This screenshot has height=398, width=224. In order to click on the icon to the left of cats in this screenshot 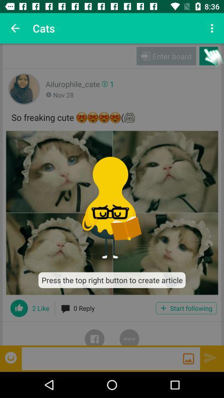, I will do `click(15, 28)`.